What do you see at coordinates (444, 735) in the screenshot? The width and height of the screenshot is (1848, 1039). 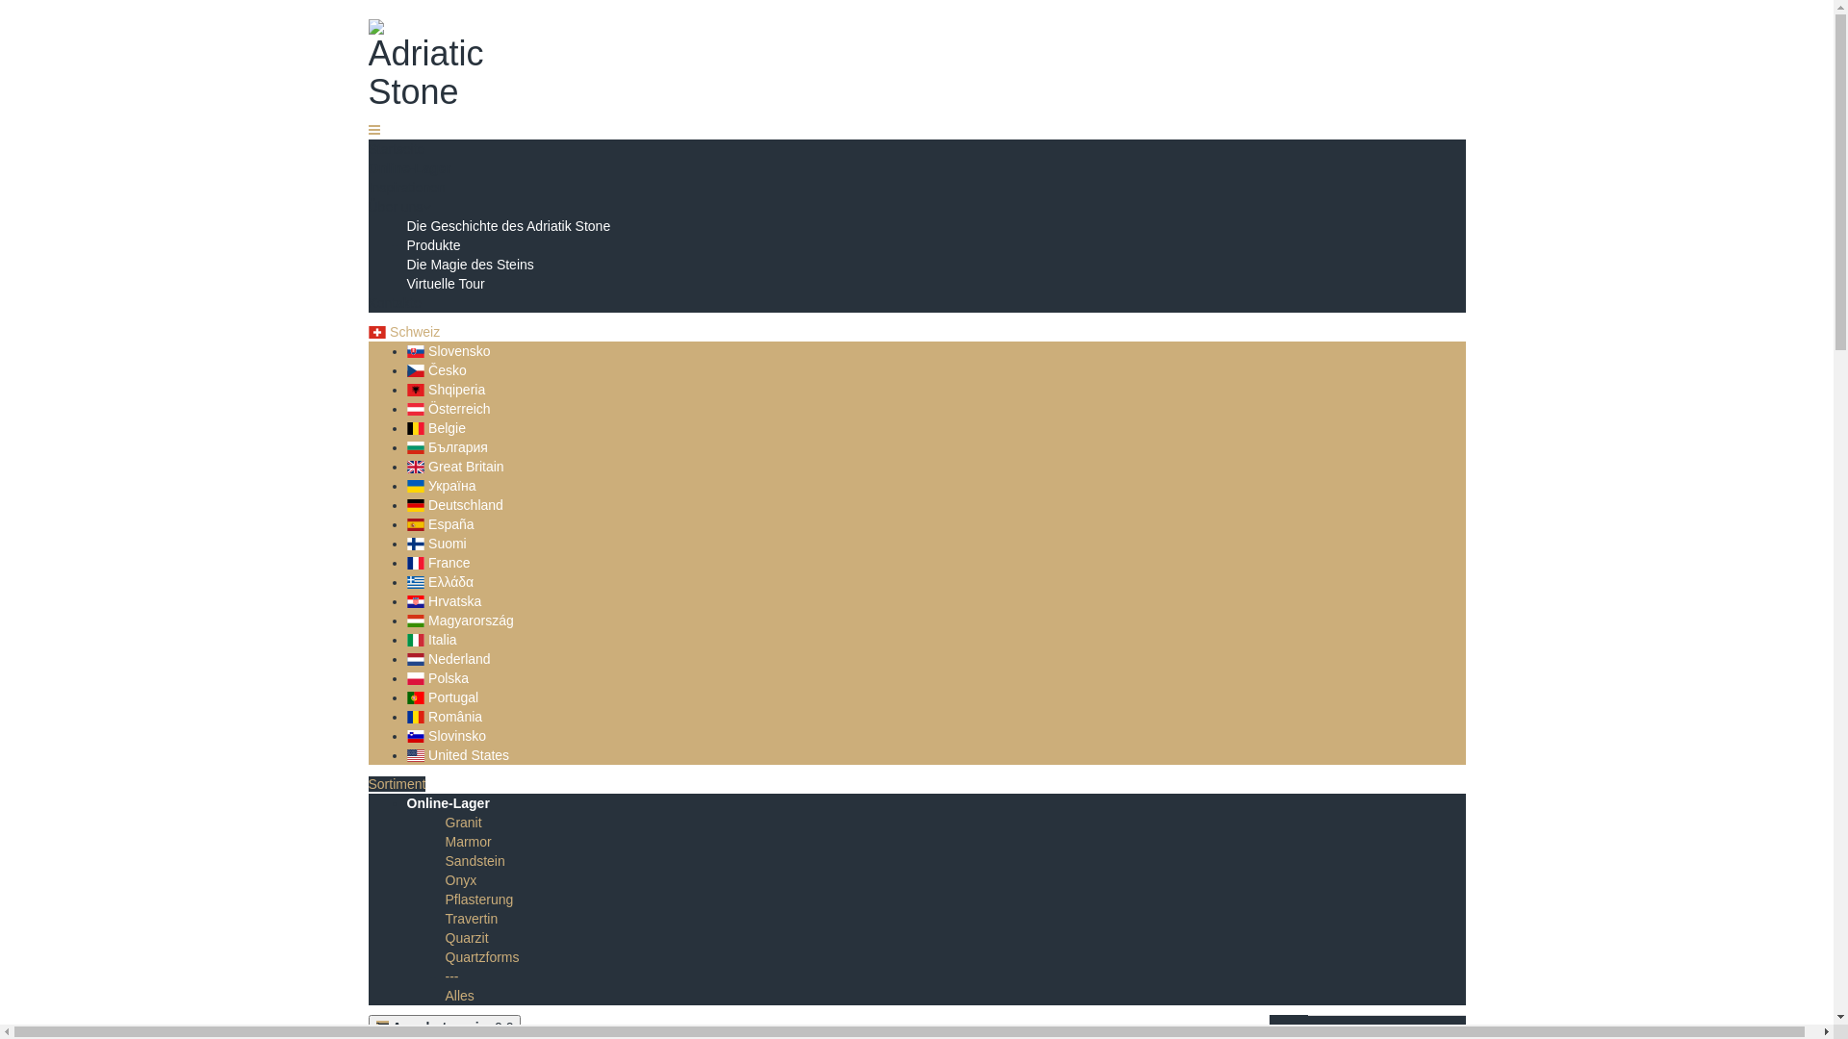 I see `' Slovinsko'` at bounding box center [444, 735].